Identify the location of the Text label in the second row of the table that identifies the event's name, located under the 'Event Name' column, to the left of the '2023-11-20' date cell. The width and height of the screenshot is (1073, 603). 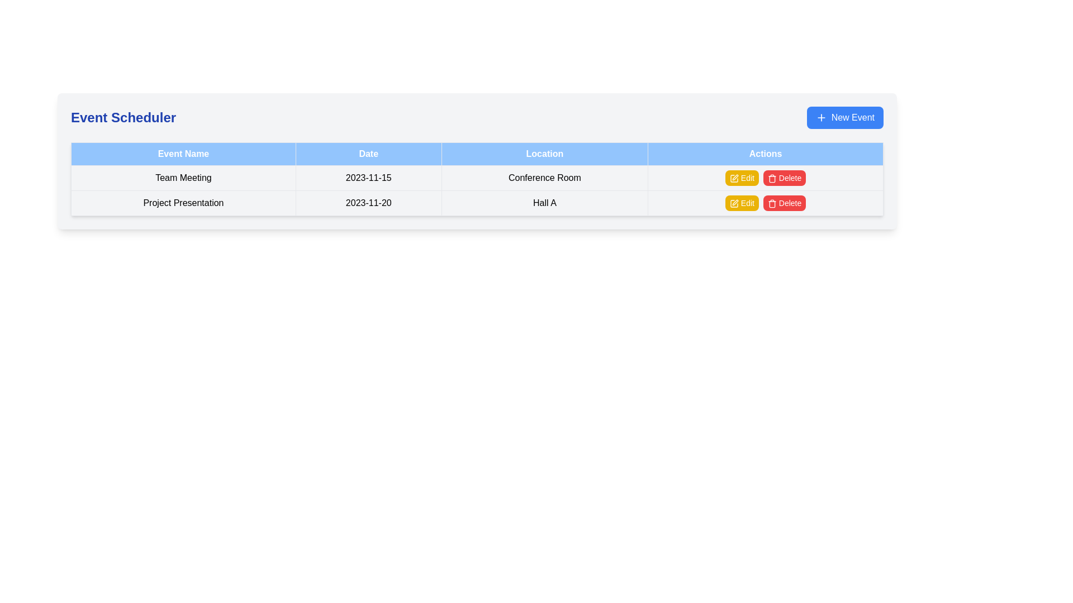
(183, 203).